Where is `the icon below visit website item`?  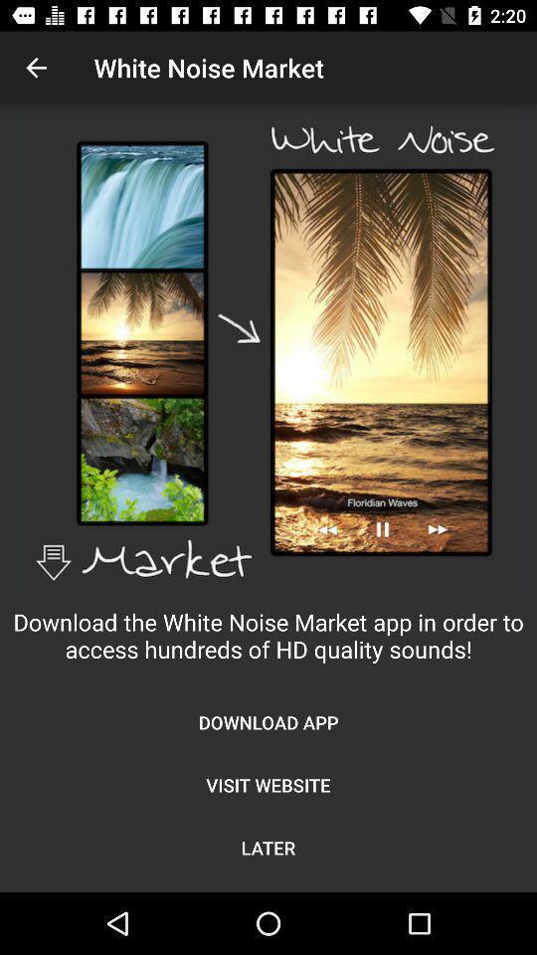
the icon below visit website item is located at coordinates (268, 847).